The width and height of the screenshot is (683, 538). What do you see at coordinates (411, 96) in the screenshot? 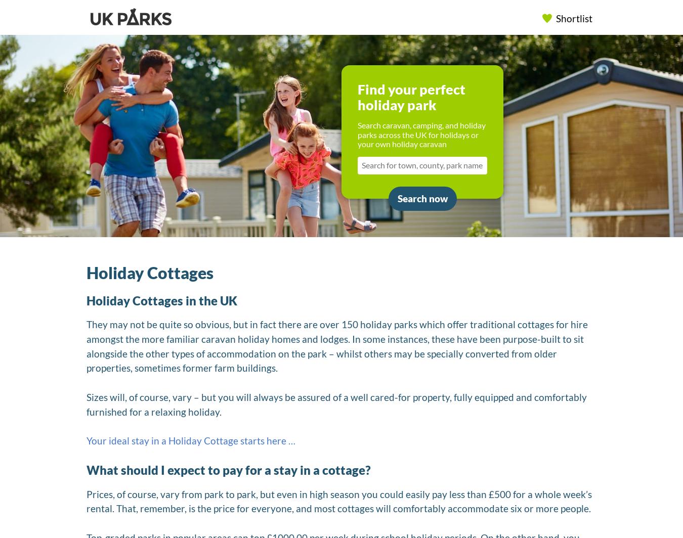
I see `'Find your perfect holiday park'` at bounding box center [411, 96].